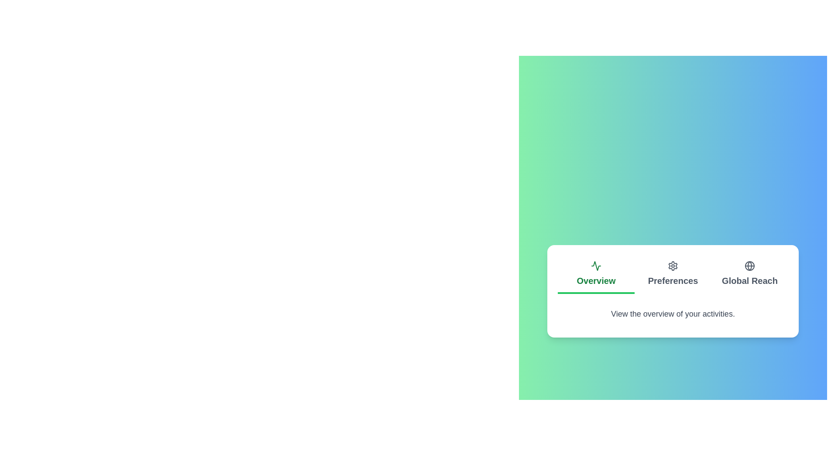 The width and height of the screenshot is (838, 471). What do you see at coordinates (672, 274) in the screenshot?
I see `the tab with the name Preferences` at bounding box center [672, 274].